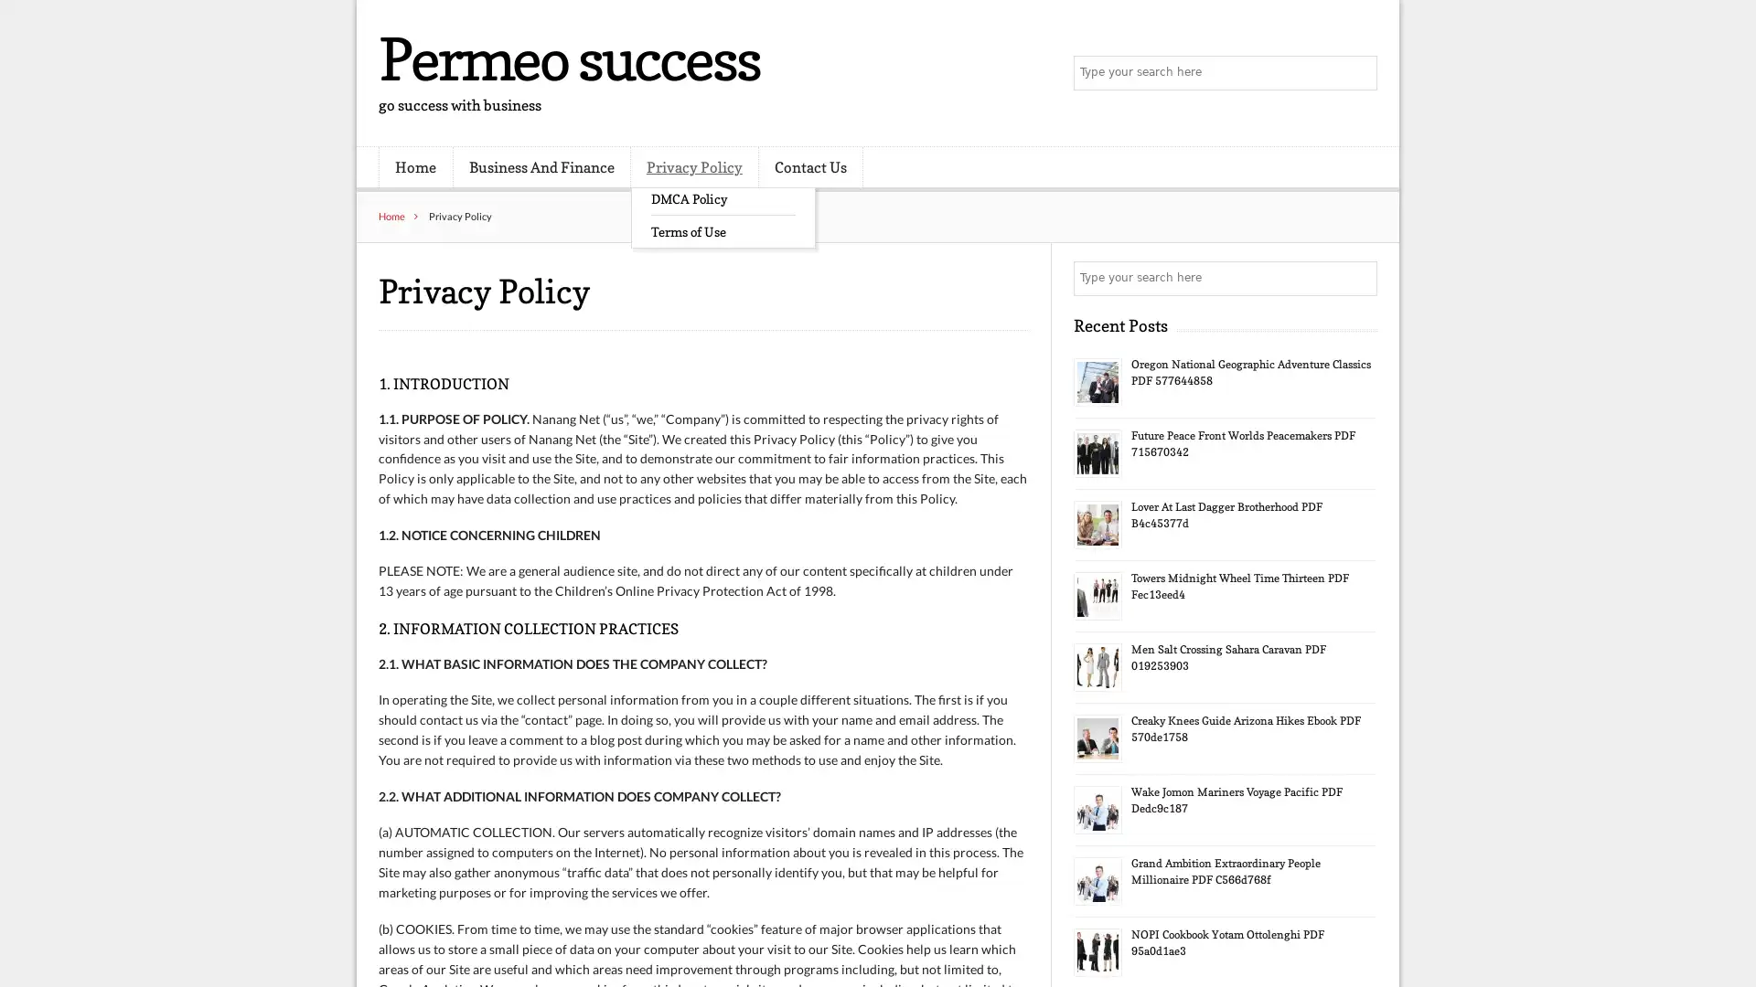 The height and width of the screenshot is (987, 1756). What do you see at coordinates (1358, 278) in the screenshot?
I see `Search` at bounding box center [1358, 278].